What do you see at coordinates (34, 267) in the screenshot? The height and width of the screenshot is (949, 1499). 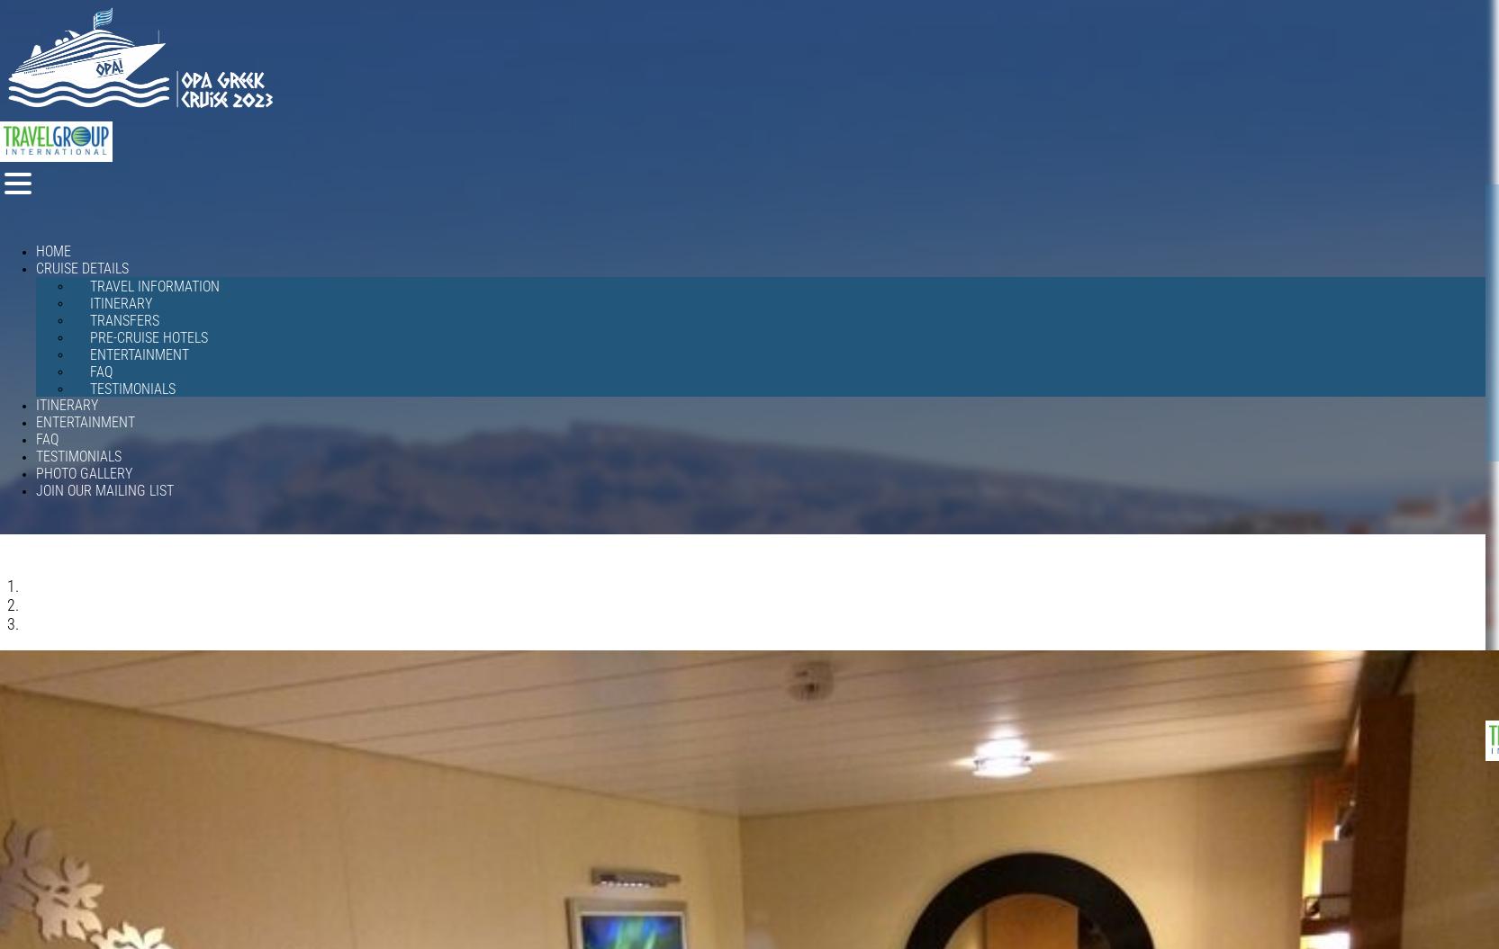 I see `'Cruise Details'` at bounding box center [34, 267].